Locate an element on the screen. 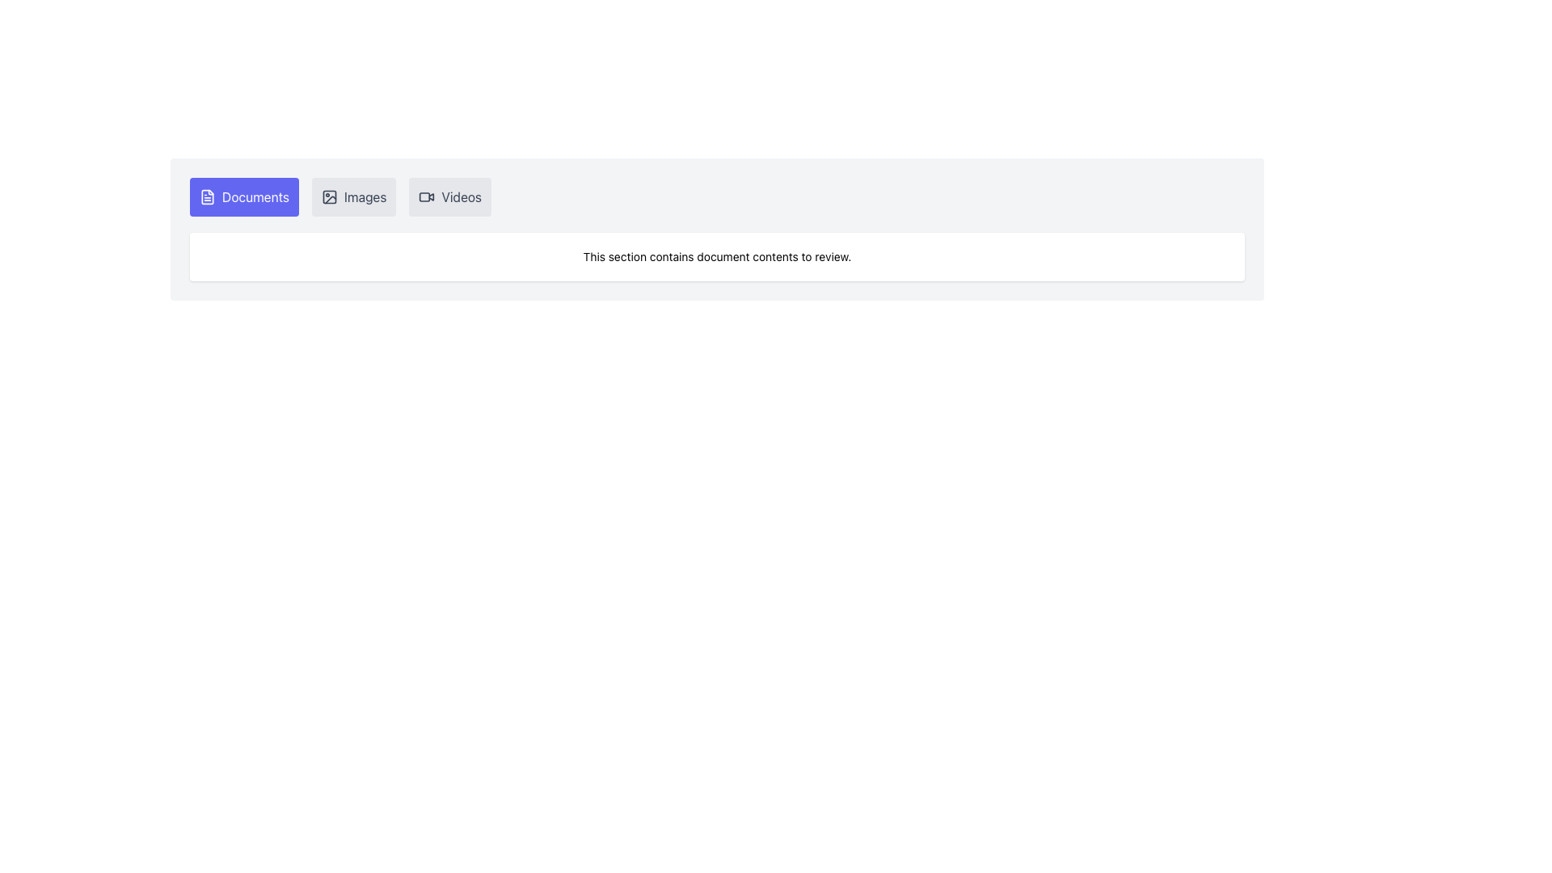 This screenshot has width=1552, height=873. the first button in the top-left of the layout, which allows for viewing or working with document-related content is located at coordinates (243, 196).